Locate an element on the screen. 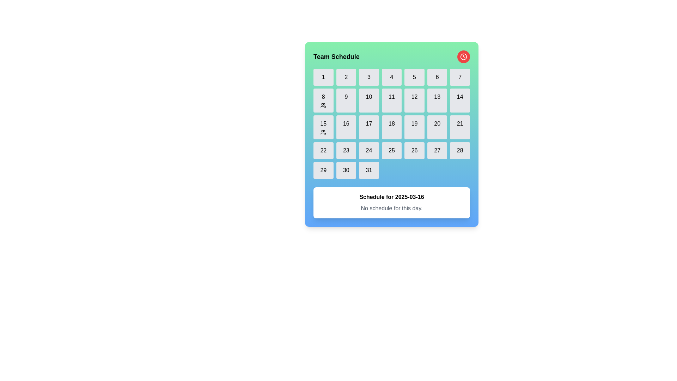 This screenshot has height=381, width=677. the 17th day button in the calendar interface is located at coordinates (368, 127).